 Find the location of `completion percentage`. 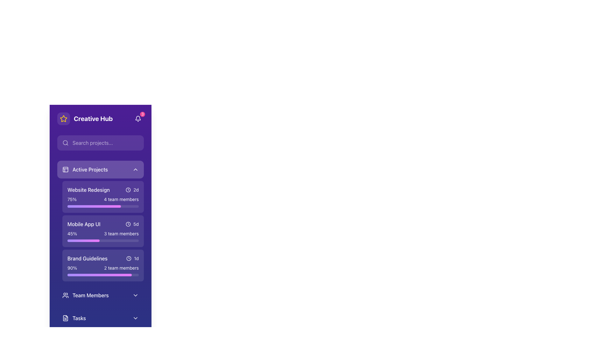

completion percentage is located at coordinates (90, 206).